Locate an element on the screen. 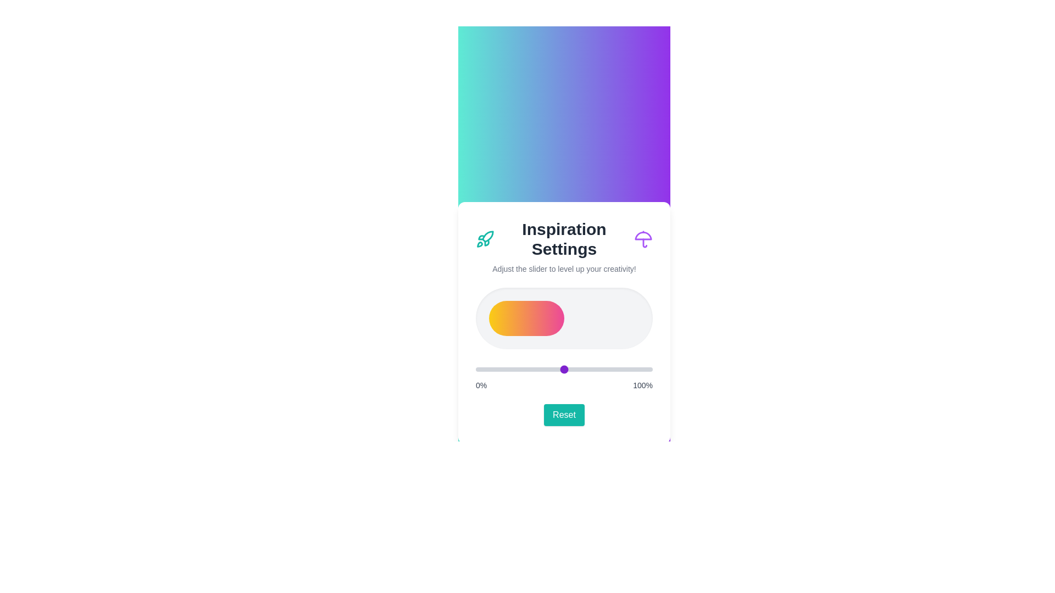 This screenshot has width=1055, height=593. the umbrella icon is located at coordinates (643, 238).